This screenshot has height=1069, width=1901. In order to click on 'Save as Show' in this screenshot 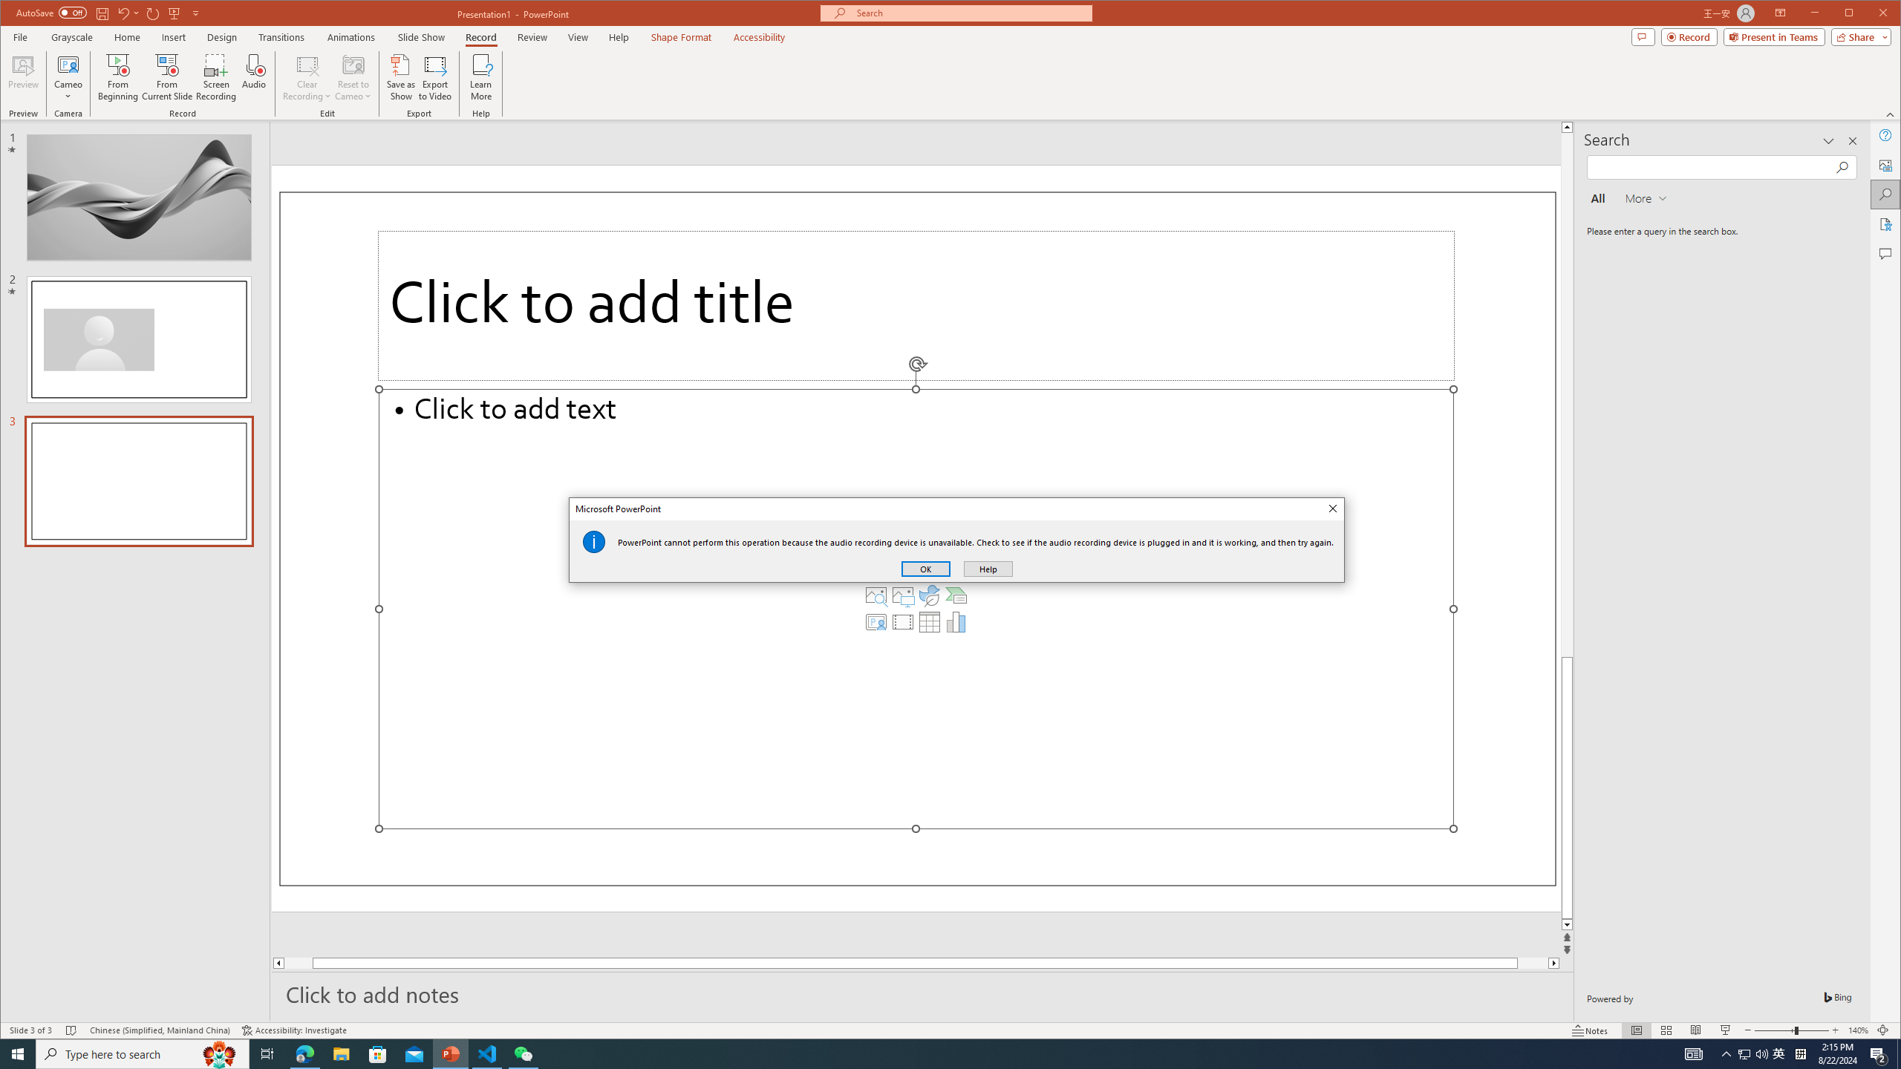, I will do `click(402, 76)`.